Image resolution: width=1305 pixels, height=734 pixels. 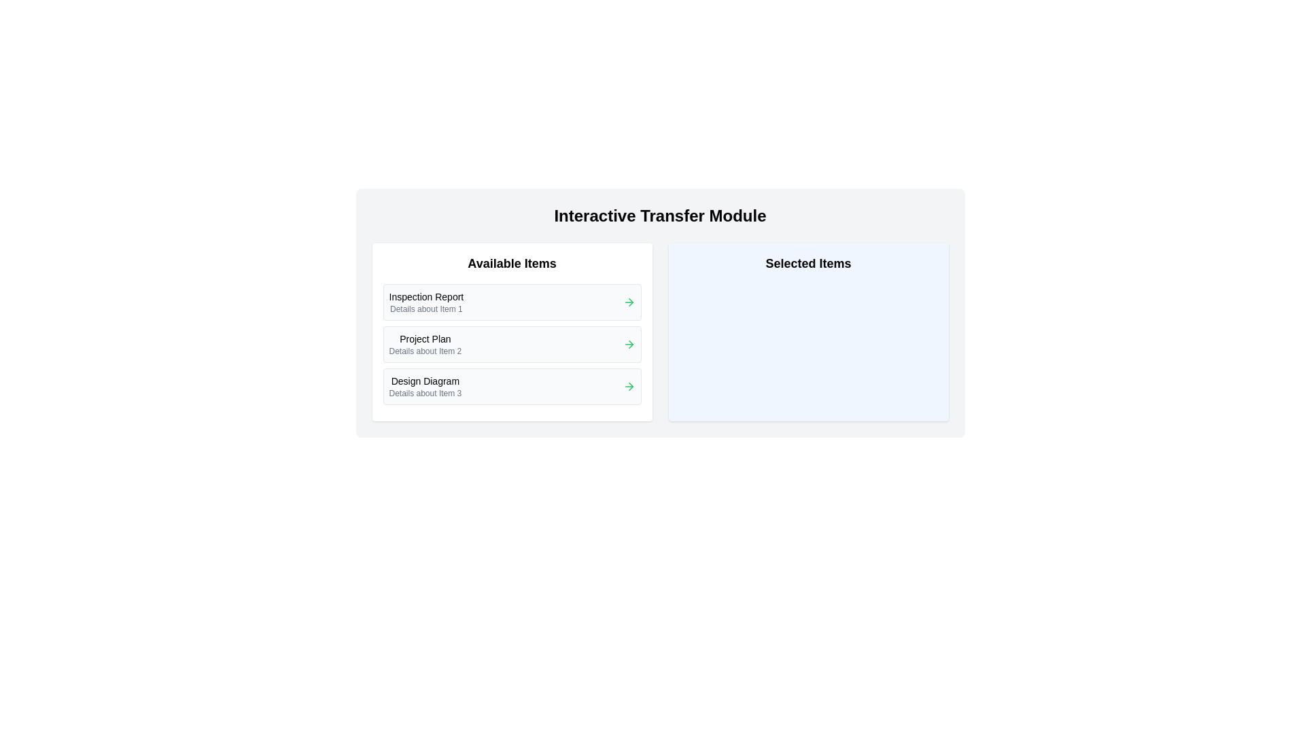 What do you see at coordinates (511, 343) in the screenshot?
I see `the second item in the 'Available Items' list, which represents the 'Project Plan'` at bounding box center [511, 343].